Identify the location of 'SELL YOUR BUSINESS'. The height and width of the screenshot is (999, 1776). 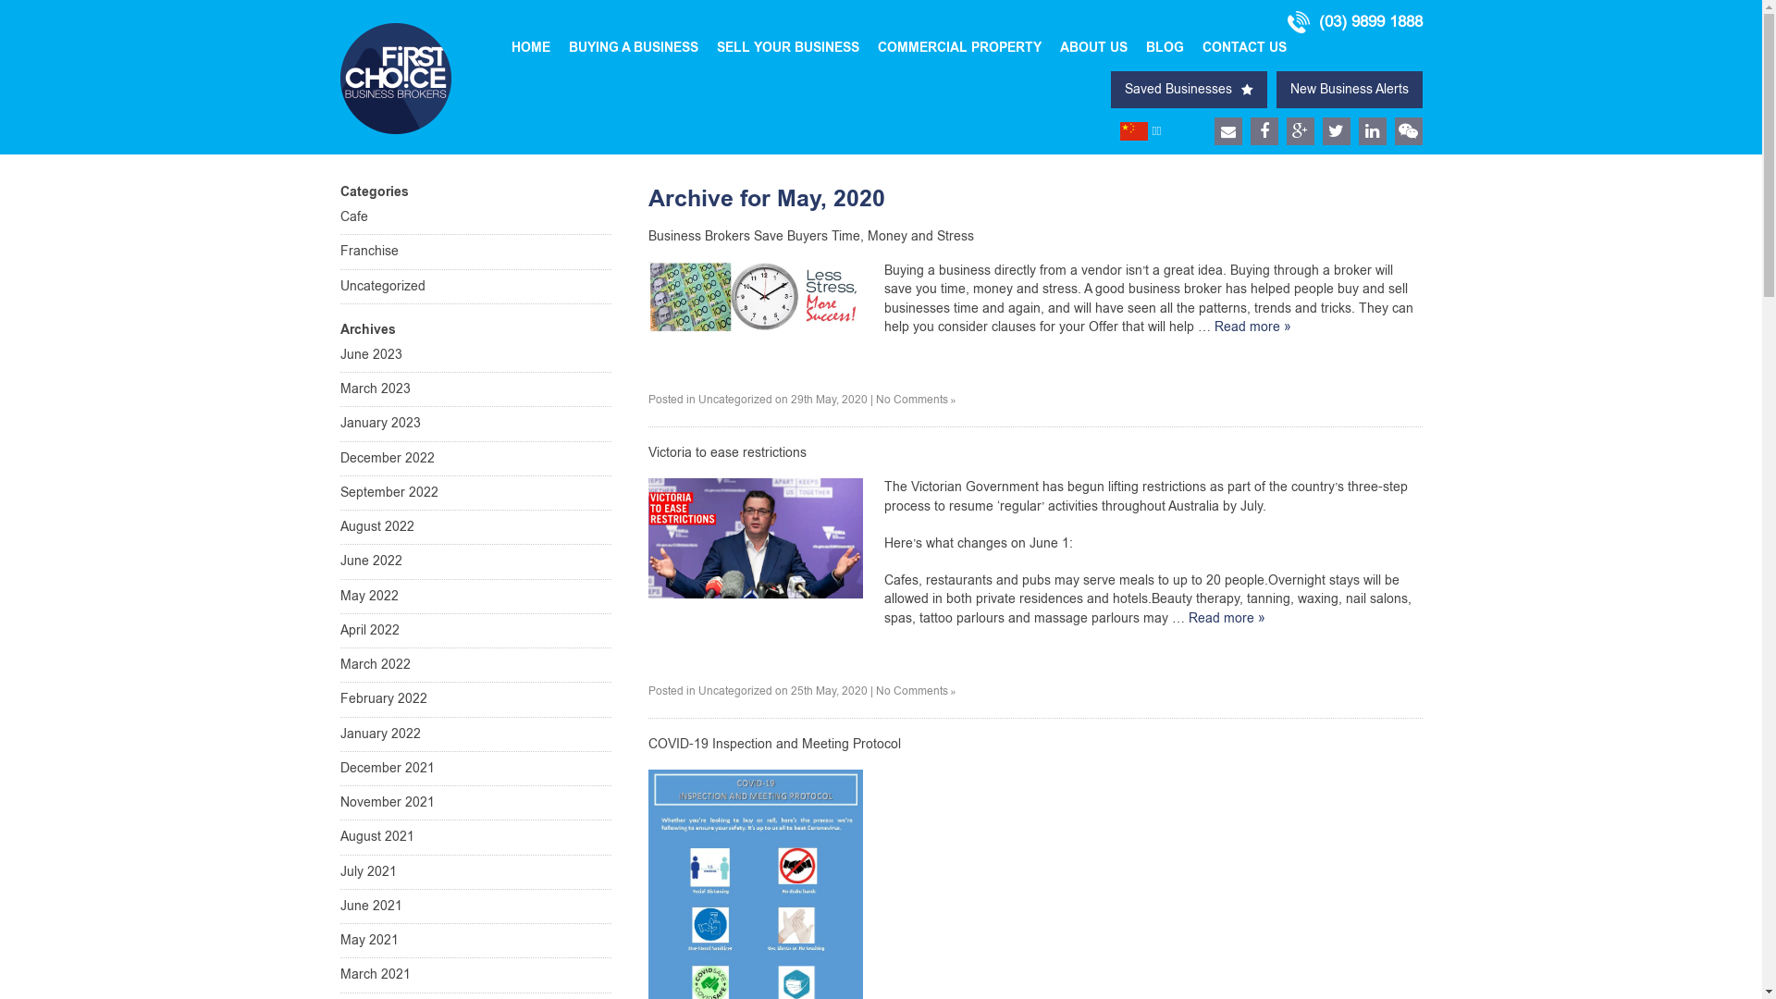
(787, 46).